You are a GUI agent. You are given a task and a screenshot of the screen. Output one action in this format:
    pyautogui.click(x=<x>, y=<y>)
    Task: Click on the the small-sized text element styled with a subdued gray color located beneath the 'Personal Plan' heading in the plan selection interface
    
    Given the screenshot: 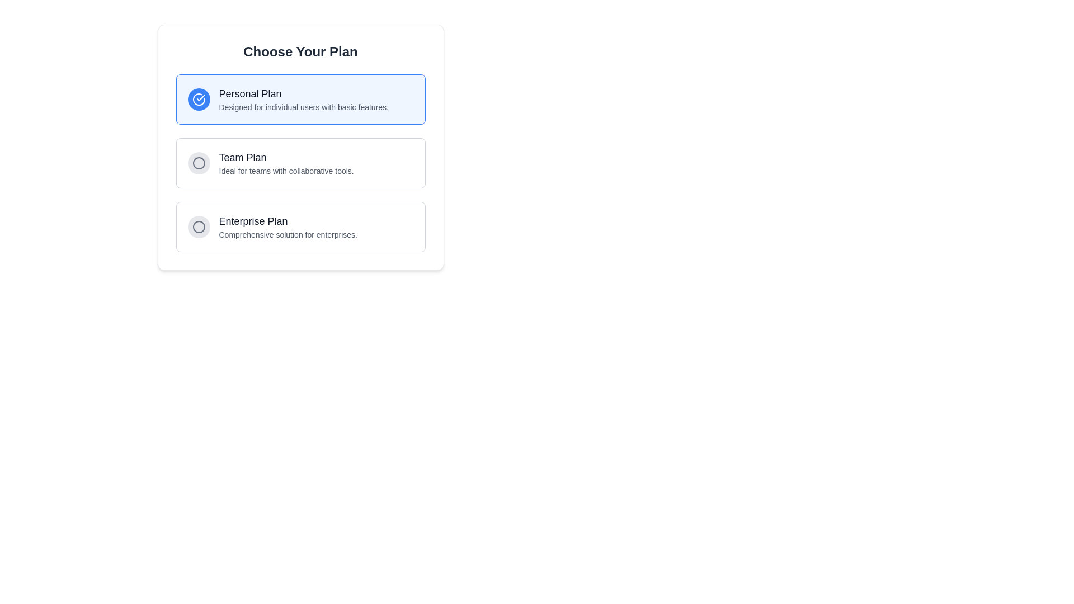 What is the action you would take?
    pyautogui.click(x=304, y=107)
    